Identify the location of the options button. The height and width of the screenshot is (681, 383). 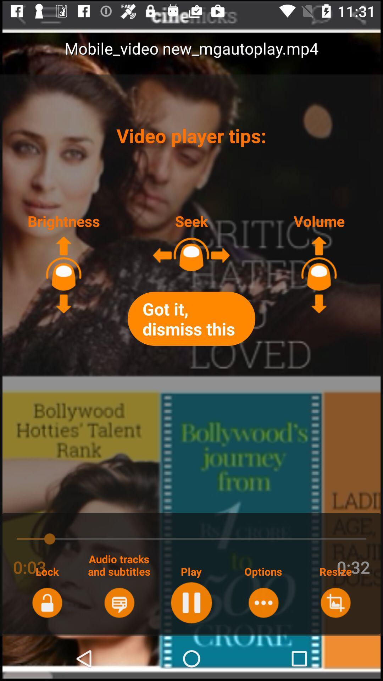
(263, 602).